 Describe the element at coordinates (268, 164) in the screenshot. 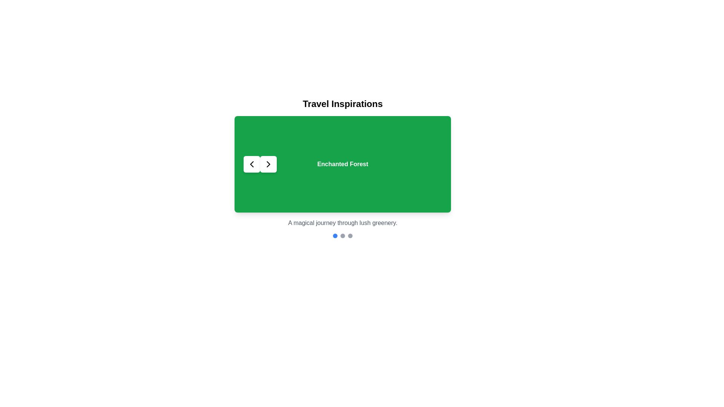

I see `the second button on the left within the green card` at that location.